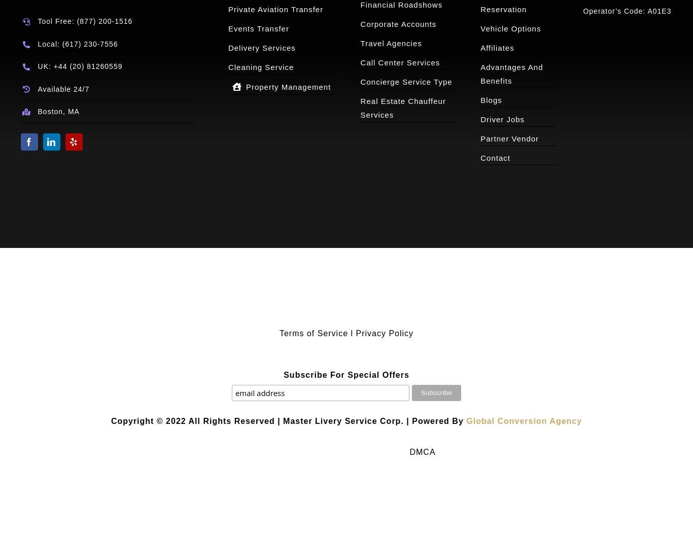 The height and width of the screenshot is (538, 693). Describe the element at coordinates (403, 107) in the screenshot. I see `'Real Estate Chauffeur Services'` at that location.